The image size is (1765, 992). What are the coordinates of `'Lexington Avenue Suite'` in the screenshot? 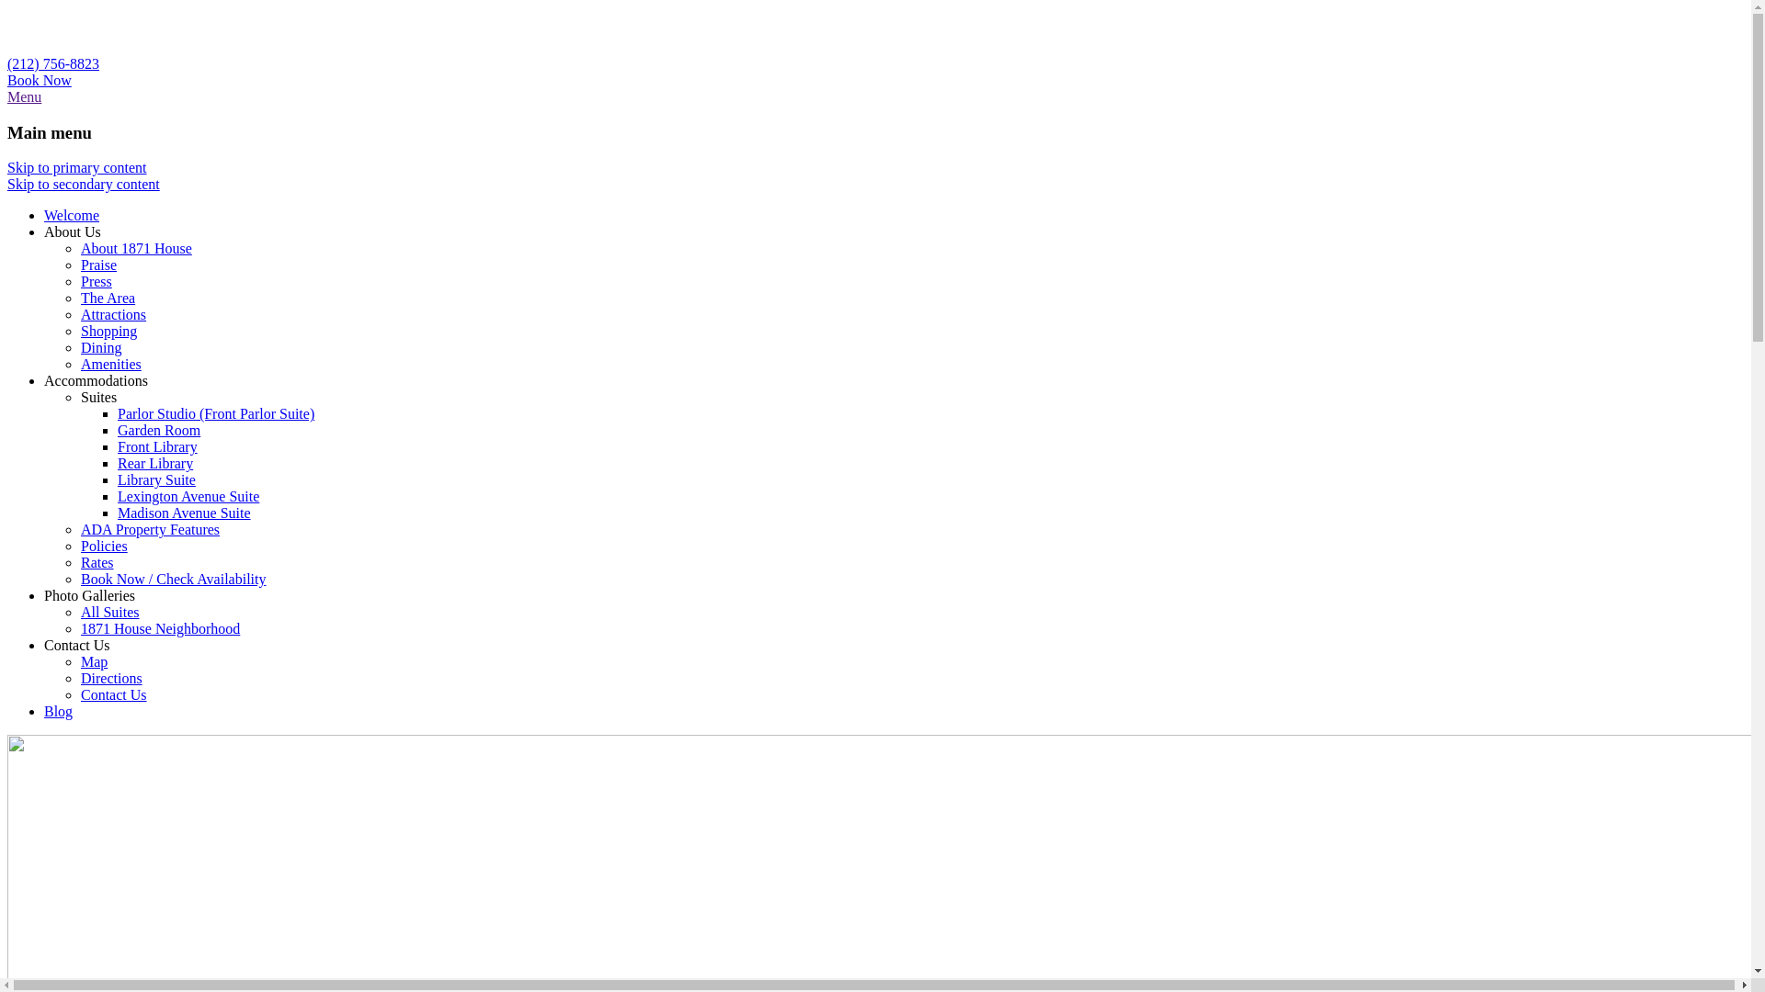 It's located at (188, 496).